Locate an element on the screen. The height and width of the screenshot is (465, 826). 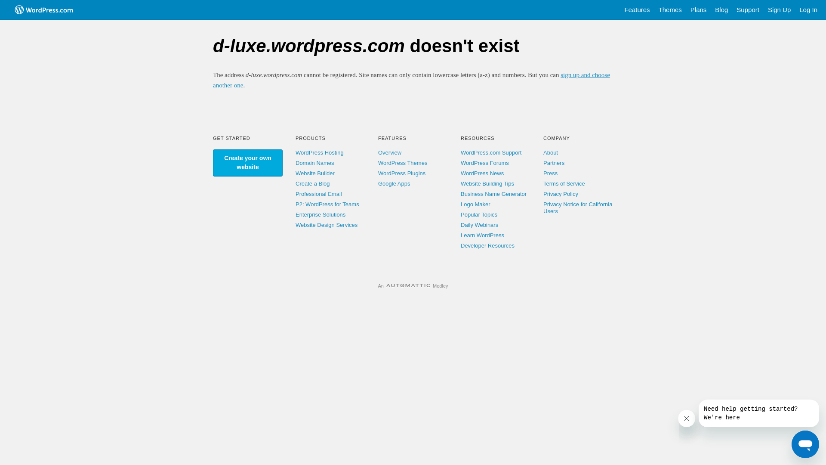
'Business Name Generator' is located at coordinates (493, 194).